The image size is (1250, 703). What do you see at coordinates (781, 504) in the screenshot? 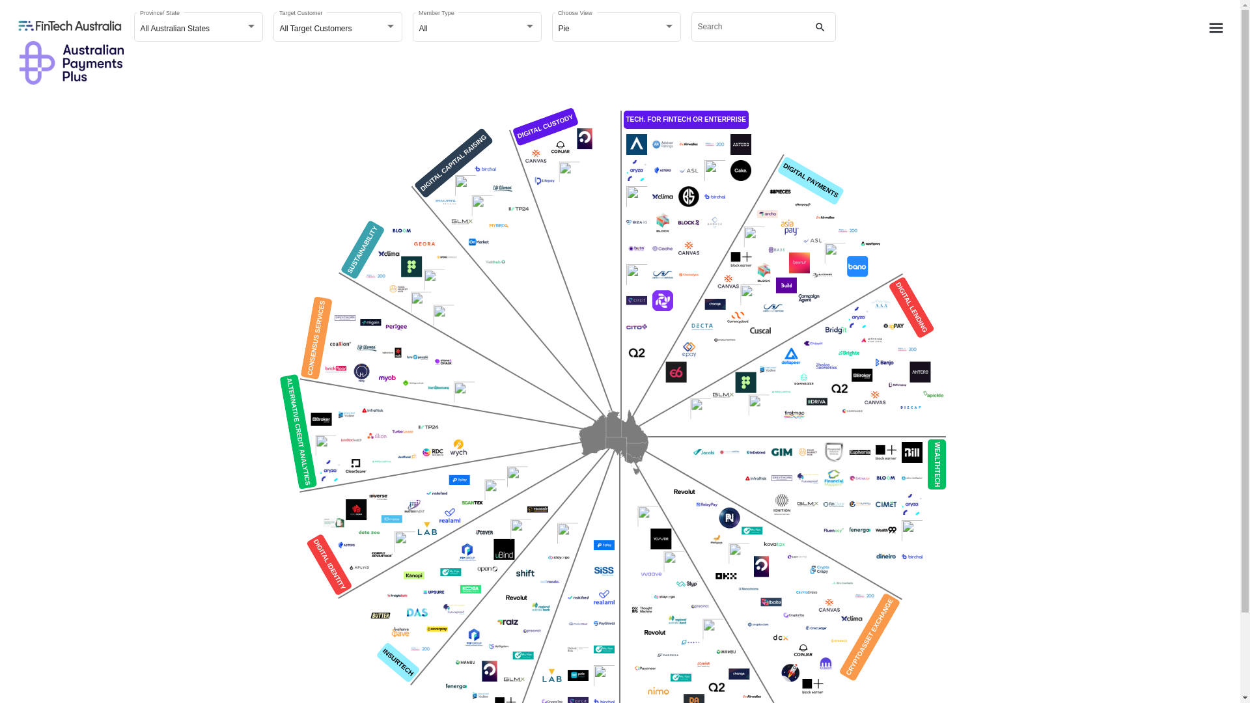
I see `'Ignition Advice'` at bounding box center [781, 504].